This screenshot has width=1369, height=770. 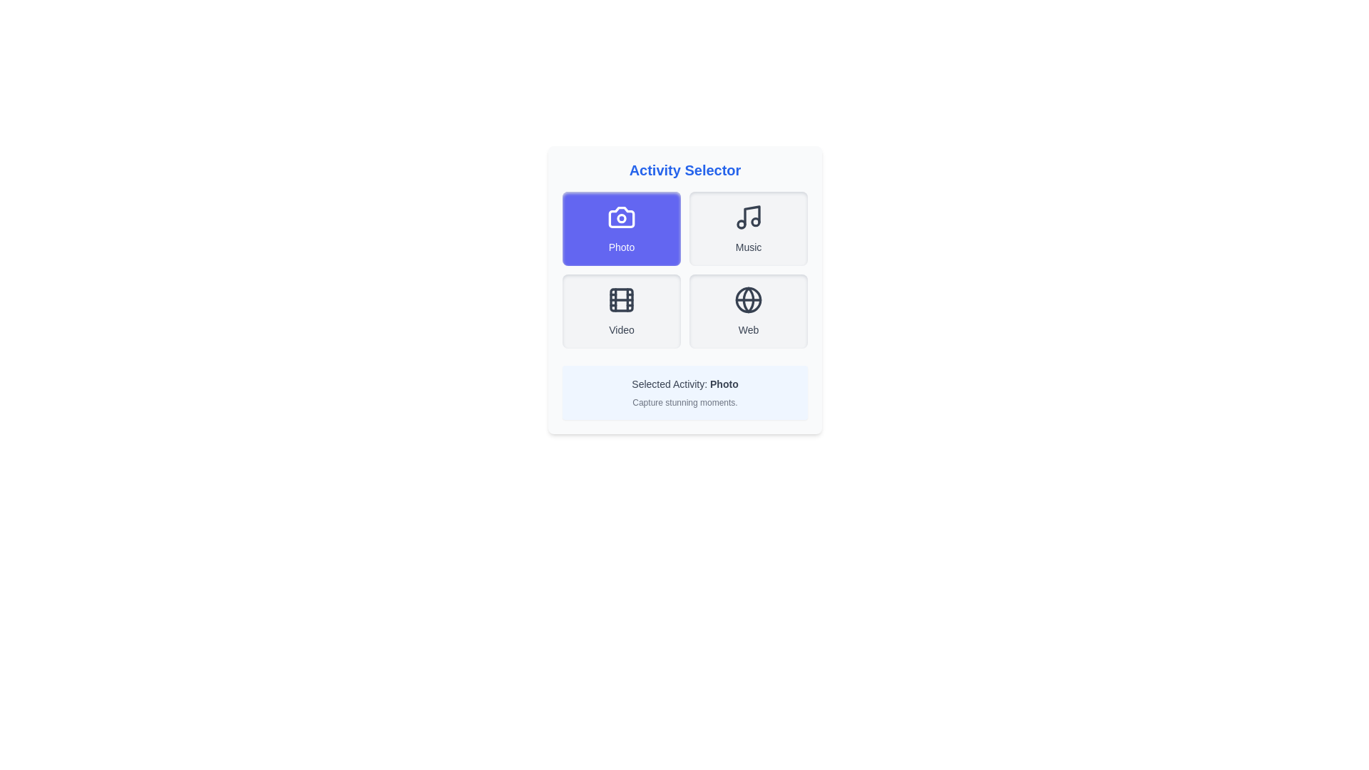 What do you see at coordinates (755, 222) in the screenshot?
I see `the SVG Circle that represents a music note in the 'Music' activity button` at bounding box center [755, 222].